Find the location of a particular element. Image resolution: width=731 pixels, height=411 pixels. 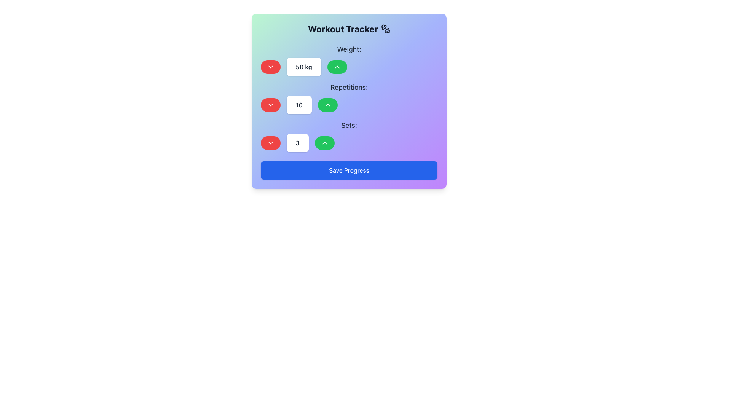

the Display element for numeric representation, which is centrally positioned within the 'Repetitions:' section and flanked by a red button with a downward arrow on the left and a green button with an upward arrow on the right is located at coordinates (348, 105).